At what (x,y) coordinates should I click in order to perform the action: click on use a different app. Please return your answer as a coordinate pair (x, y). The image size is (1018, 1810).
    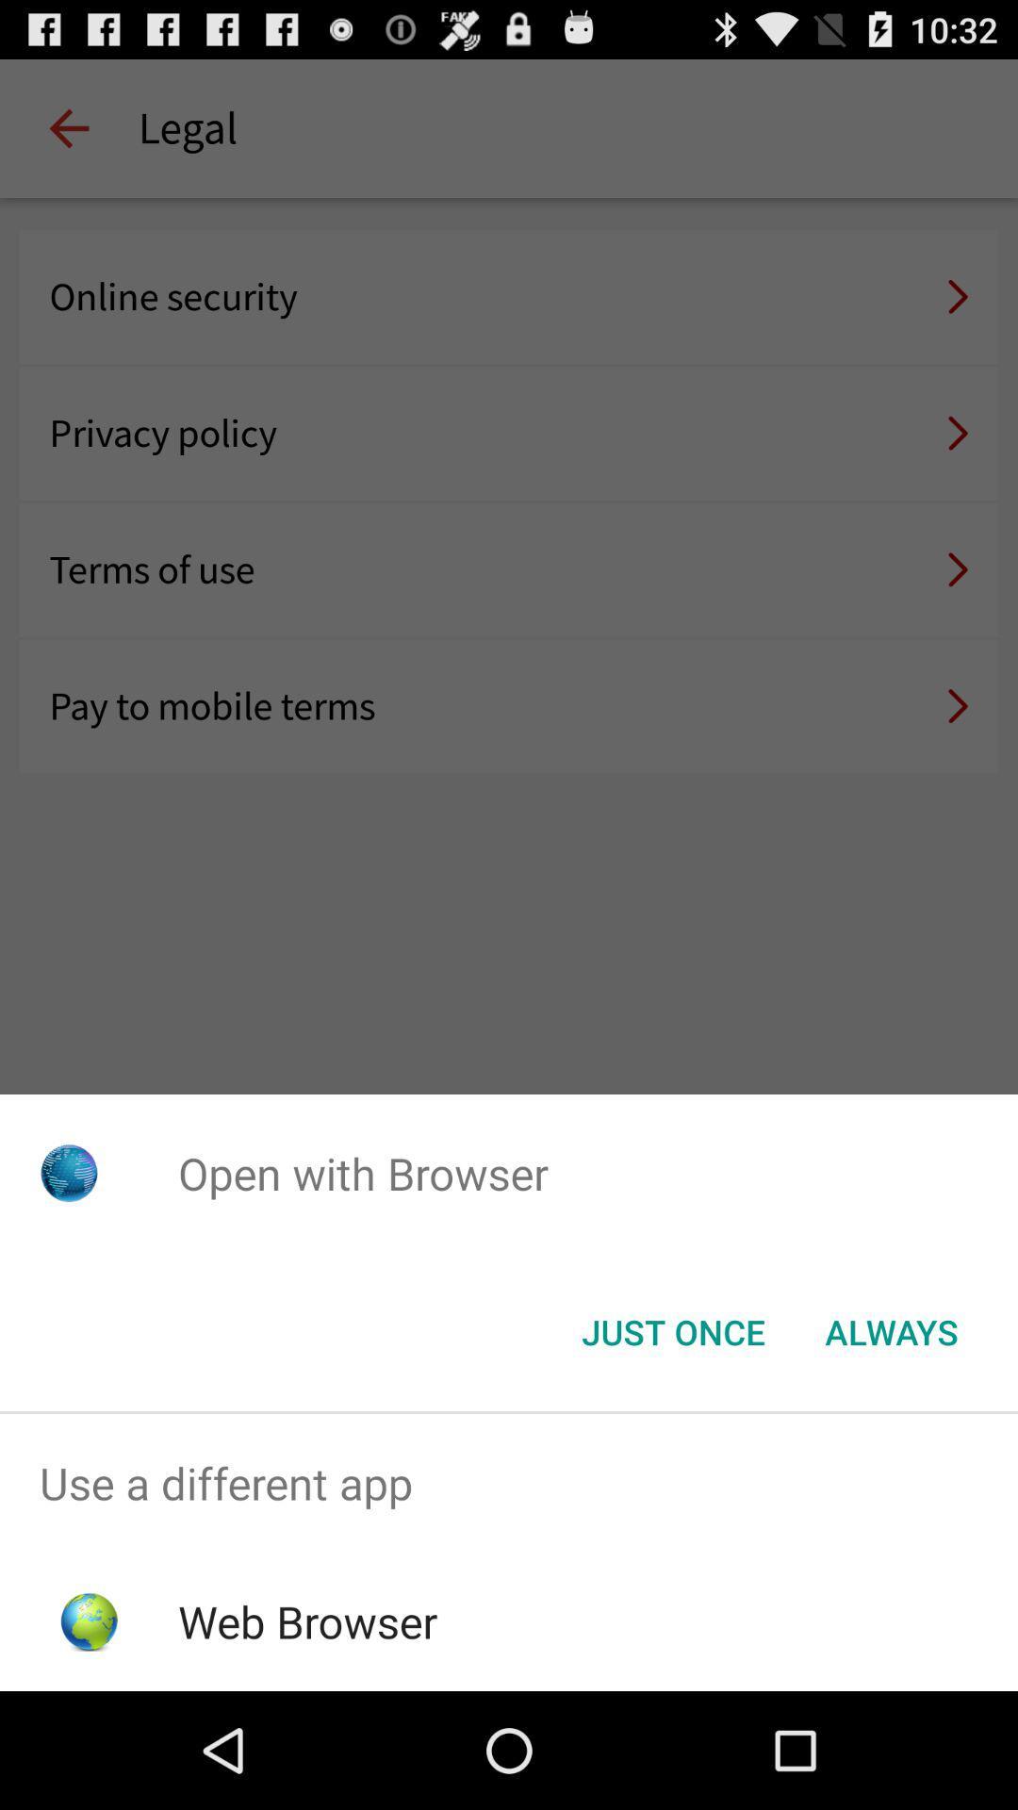
    Looking at the image, I should click on (509, 1482).